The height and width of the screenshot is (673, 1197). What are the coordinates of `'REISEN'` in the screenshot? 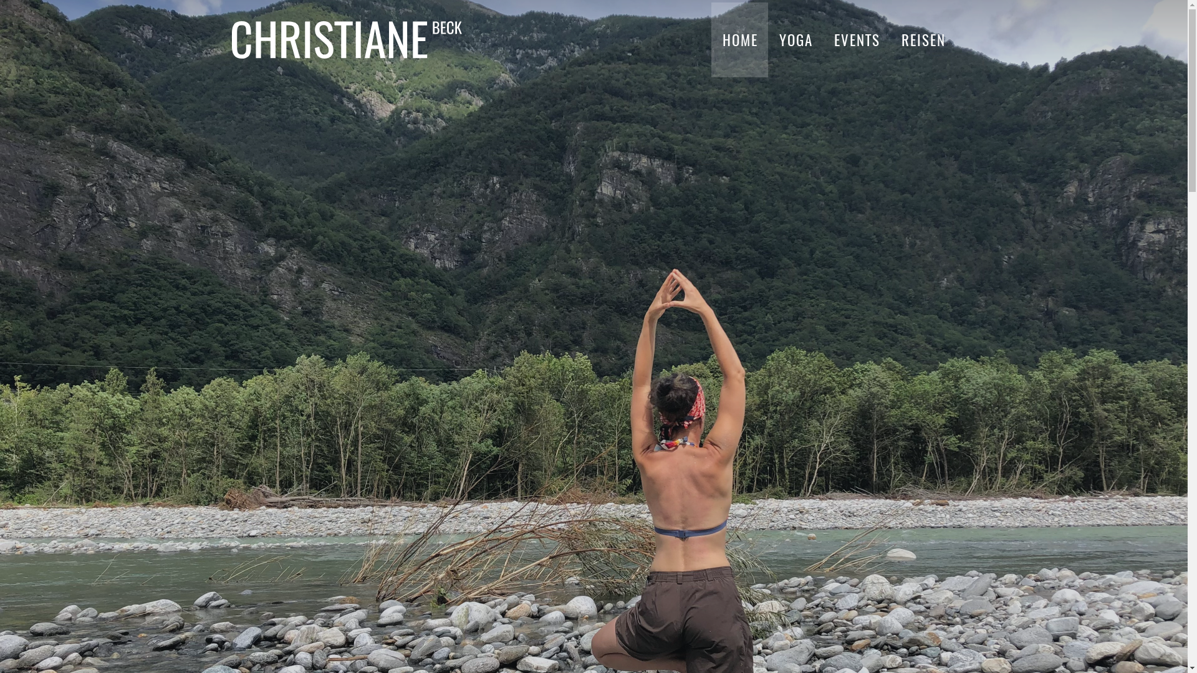 It's located at (923, 39).